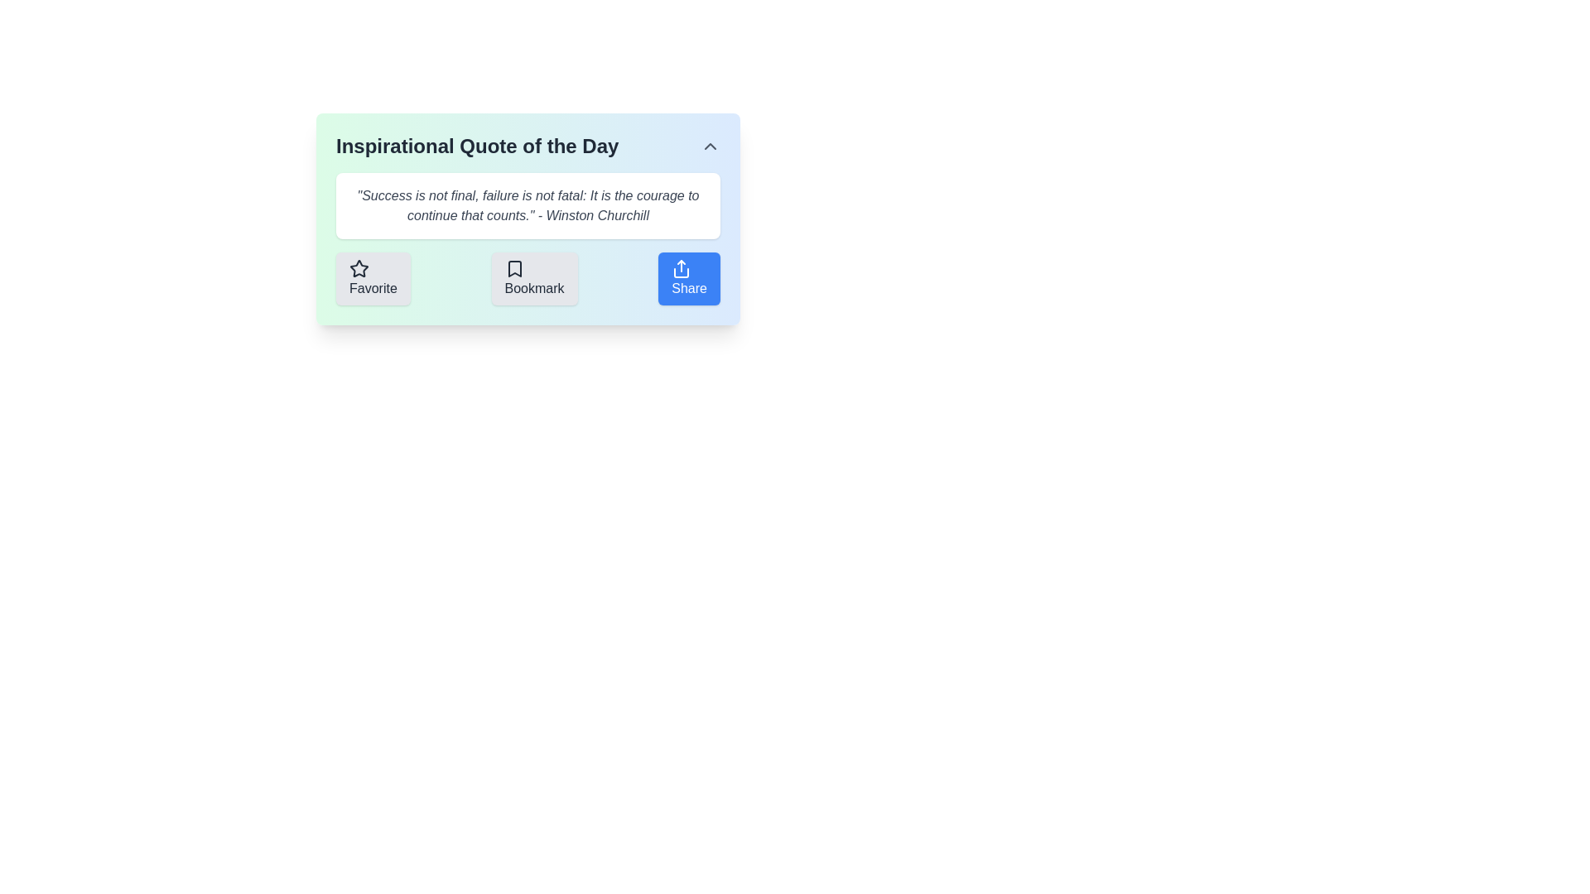 This screenshot has height=894, width=1590. I want to click on the share icon, which is a minimal line-art upward-pointing arrow on a blue background, located in the bottom-right corner of the section containing the 'Favorite' and 'Bookmark' buttons, so click(682, 267).